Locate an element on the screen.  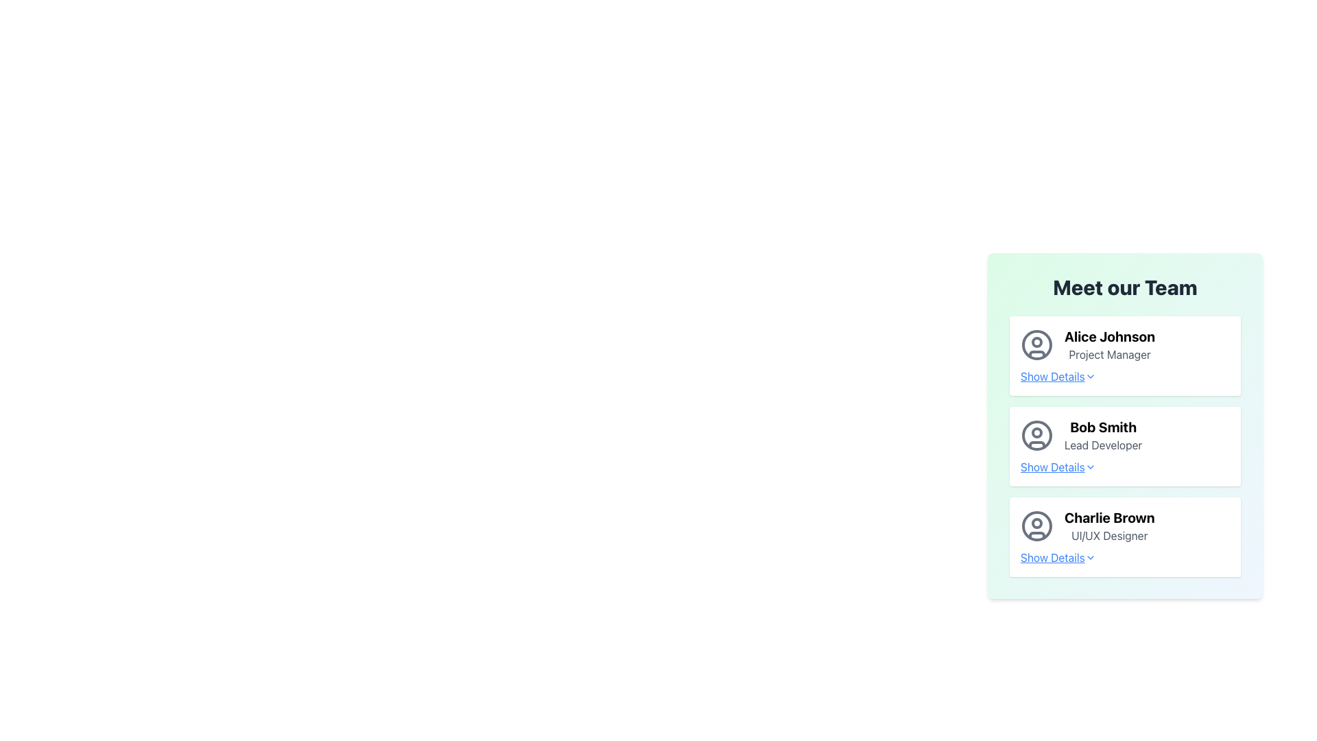
the list item displaying the user information for 'Charlie Brown', which includes a profile icon and text indicating 'UI/UX Designer'. This element is the third entry in the 'Meet our Team' section is located at coordinates (1125, 526).